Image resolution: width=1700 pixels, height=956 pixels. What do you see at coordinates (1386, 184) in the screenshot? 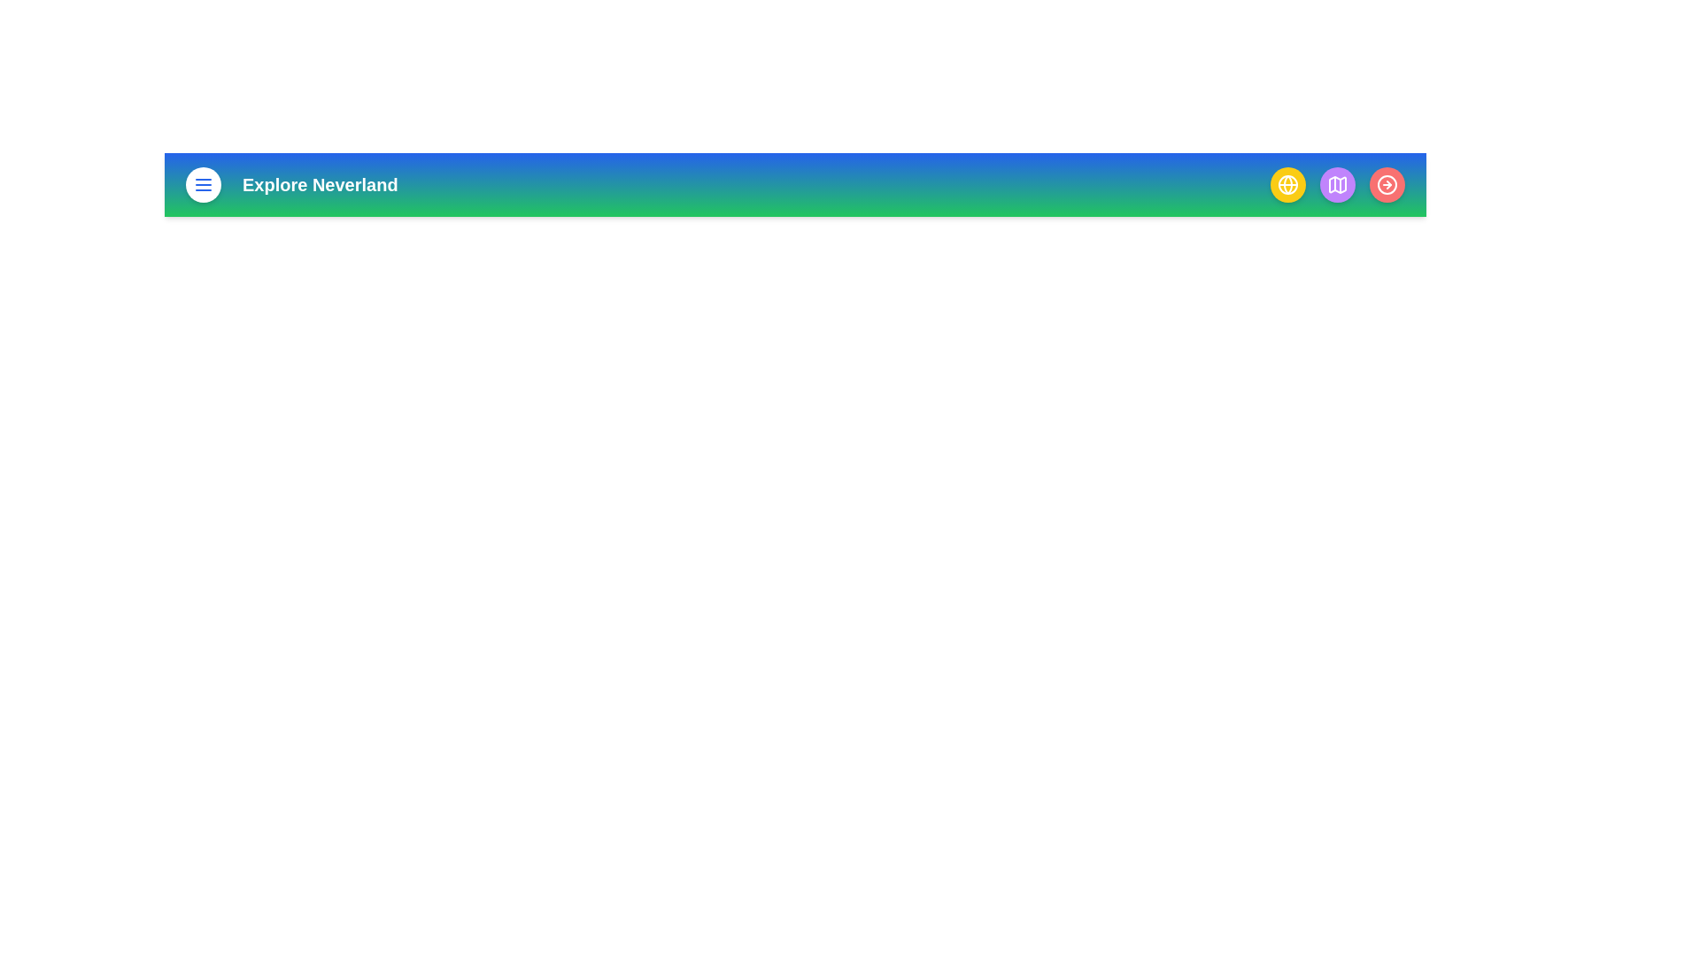
I see `the button with red color to view its hover effect` at bounding box center [1386, 184].